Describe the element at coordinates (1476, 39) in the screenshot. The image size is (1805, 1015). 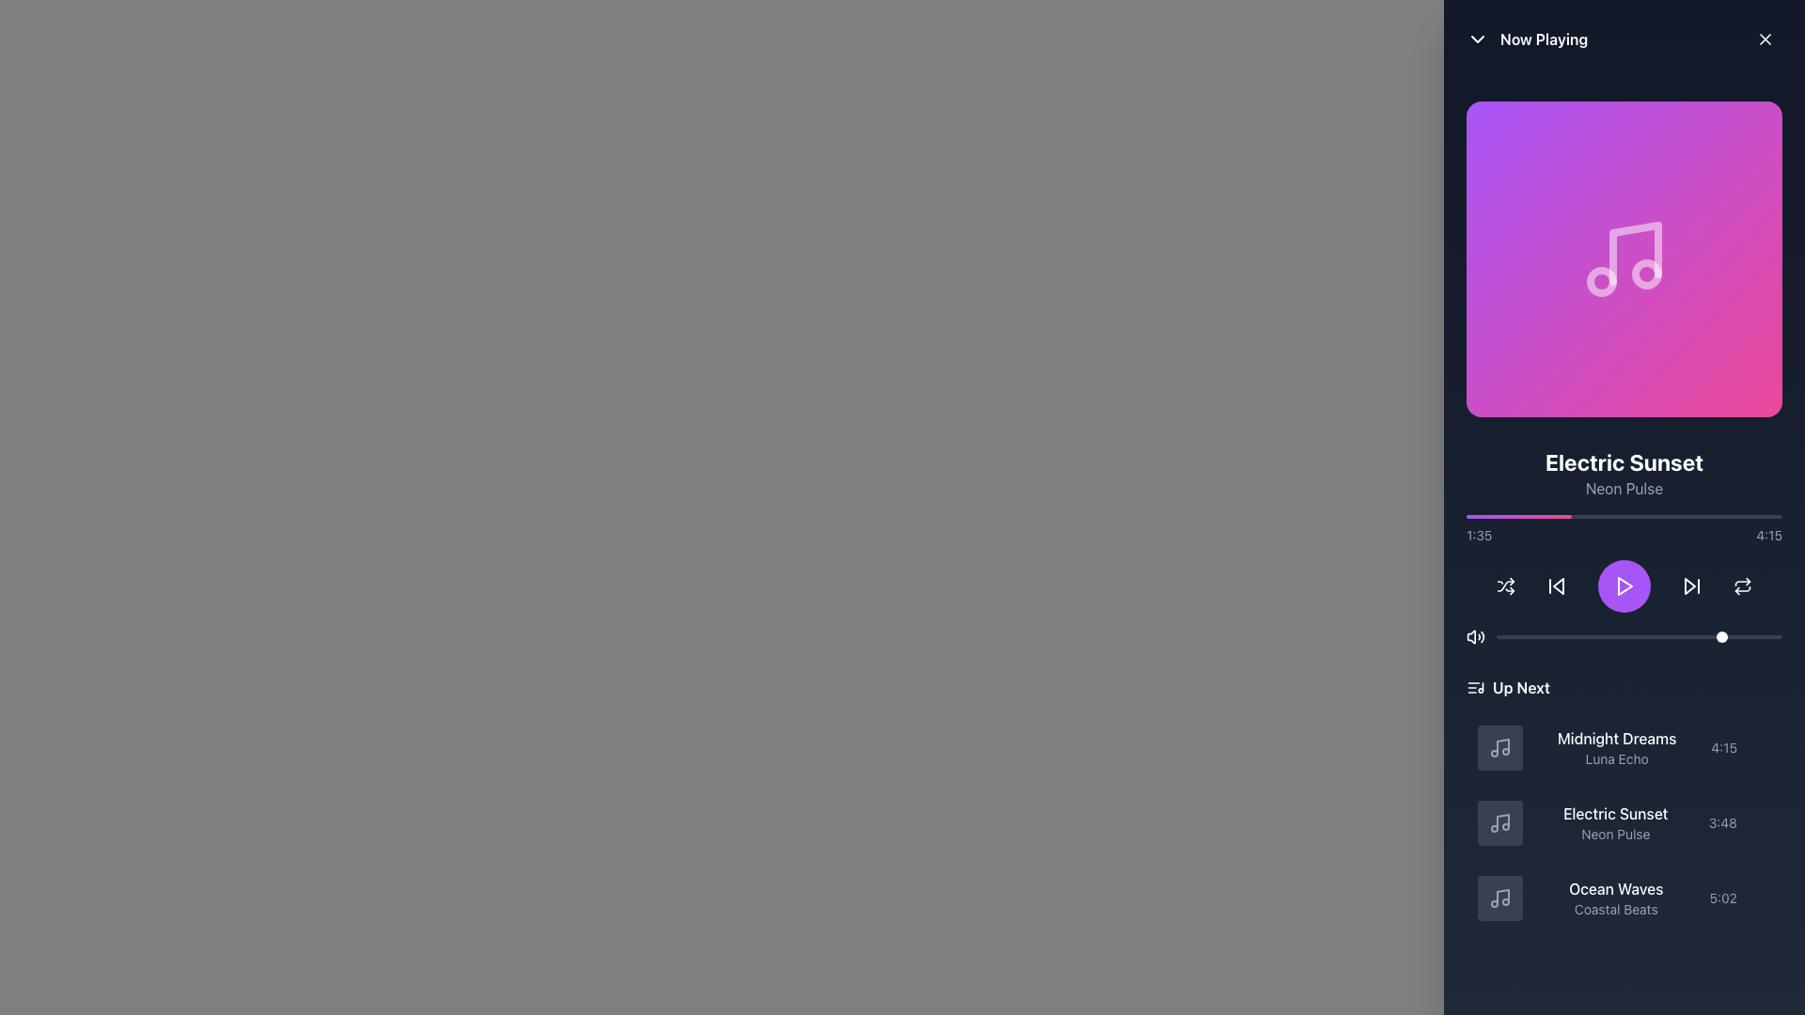
I see `the dropdown icon located at the top-left corner of the content panel, next to the 'Now Playing' text` at that location.